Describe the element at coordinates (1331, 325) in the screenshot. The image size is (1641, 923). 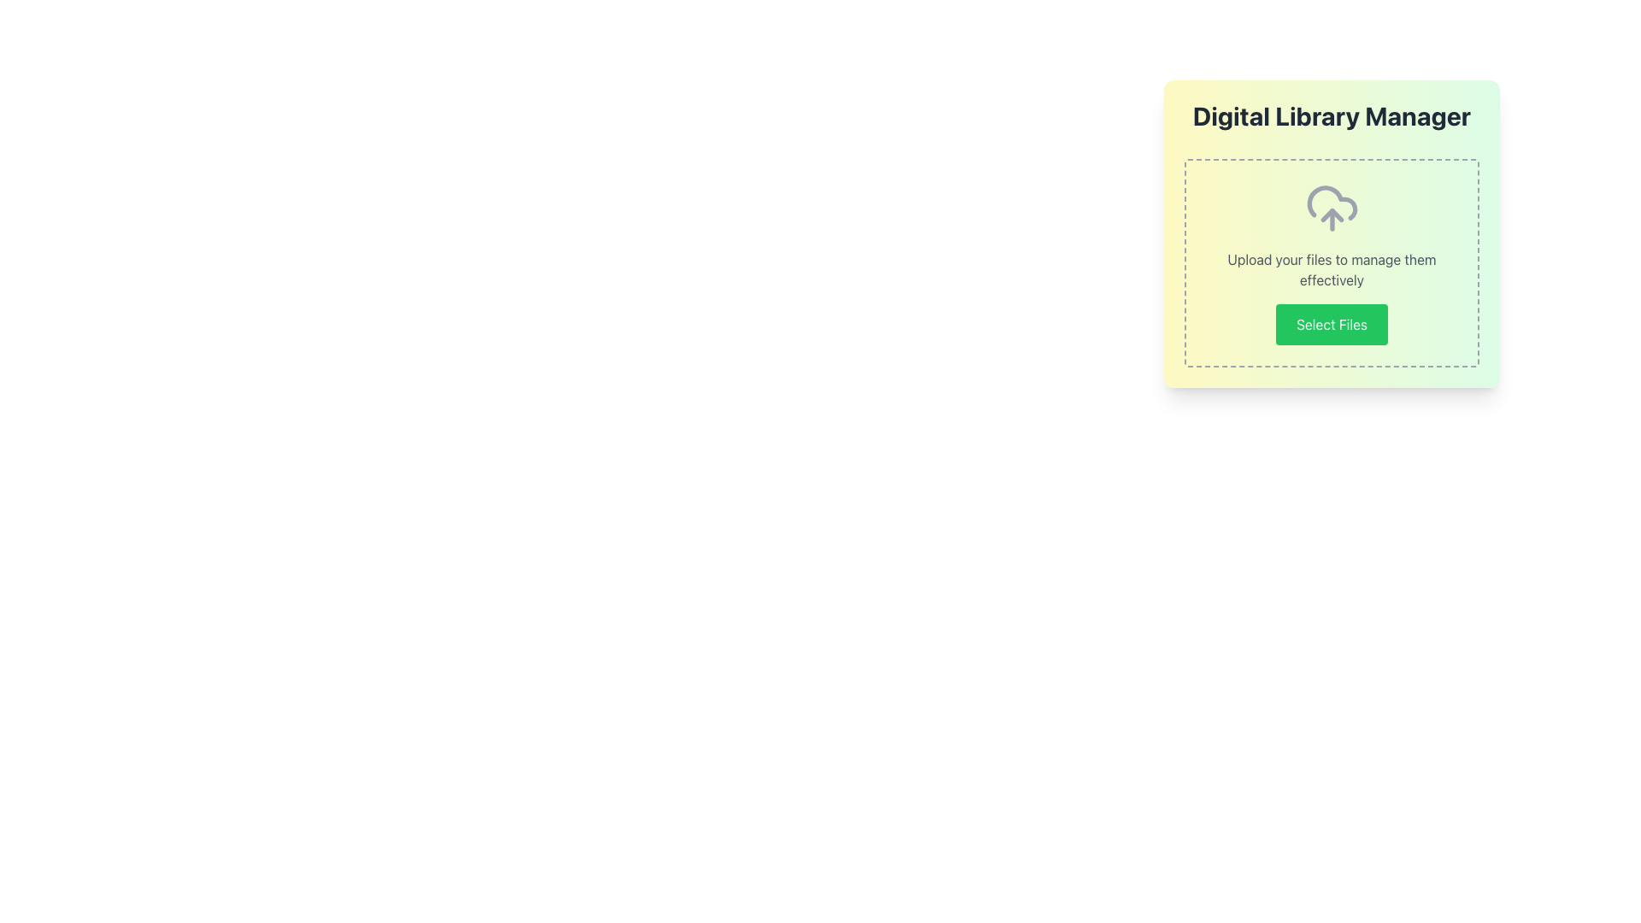
I see `the file selection button located below the cloud upload icon in the 'Digital Library Manager' card` at that location.